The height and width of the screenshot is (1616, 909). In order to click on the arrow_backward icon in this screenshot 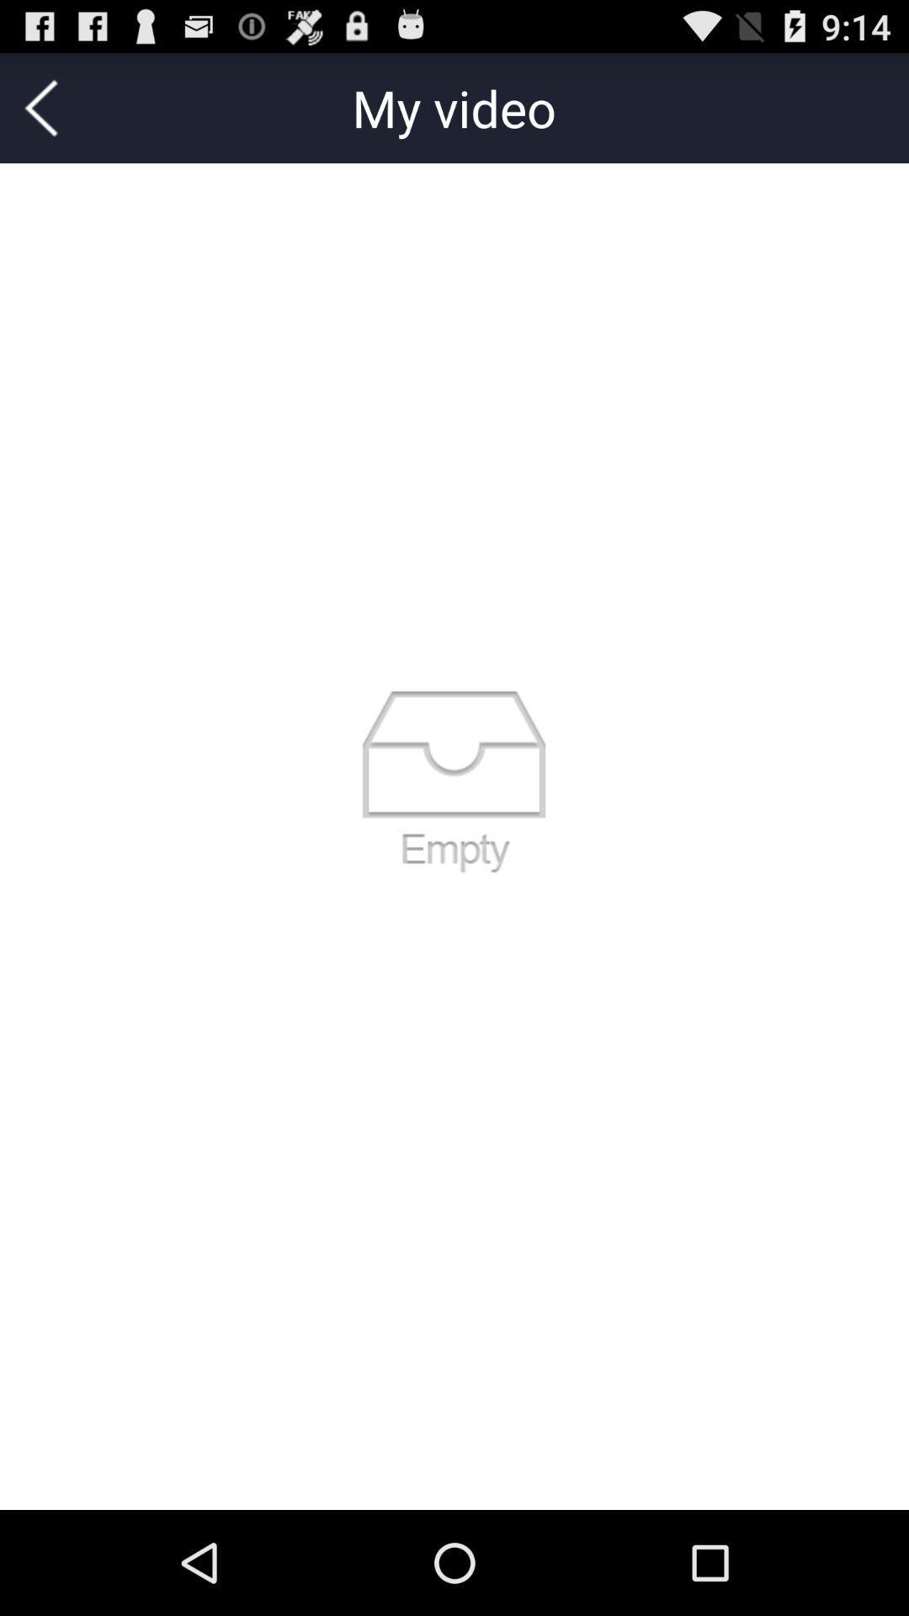, I will do `click(40, 114)`.